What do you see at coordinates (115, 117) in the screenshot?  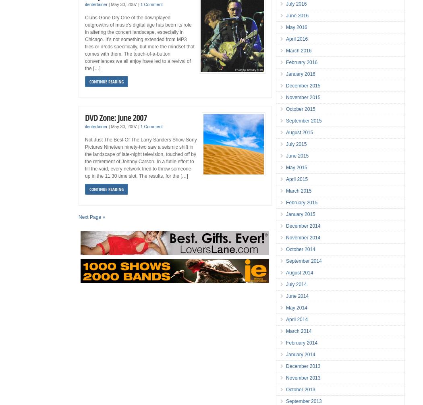 I see `'DVD Zone: June 2007'` at bounding box center [115, 117].